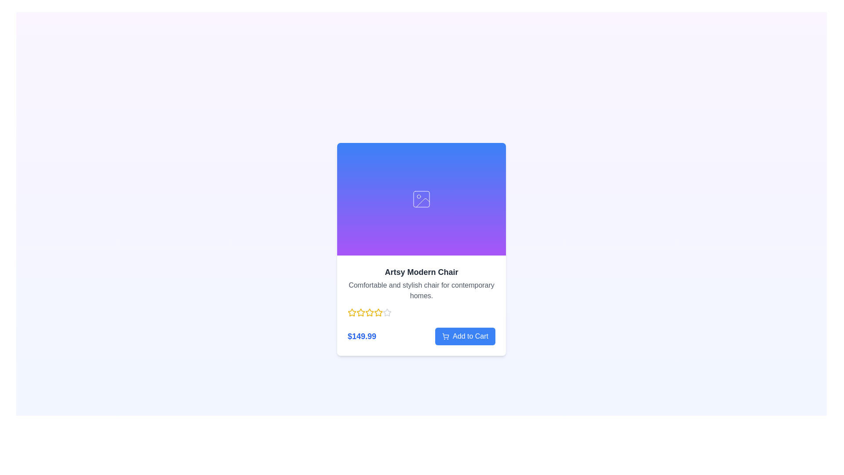  I want to click on the fourth star icon in the rating system to update the selection, so click(369, 312).